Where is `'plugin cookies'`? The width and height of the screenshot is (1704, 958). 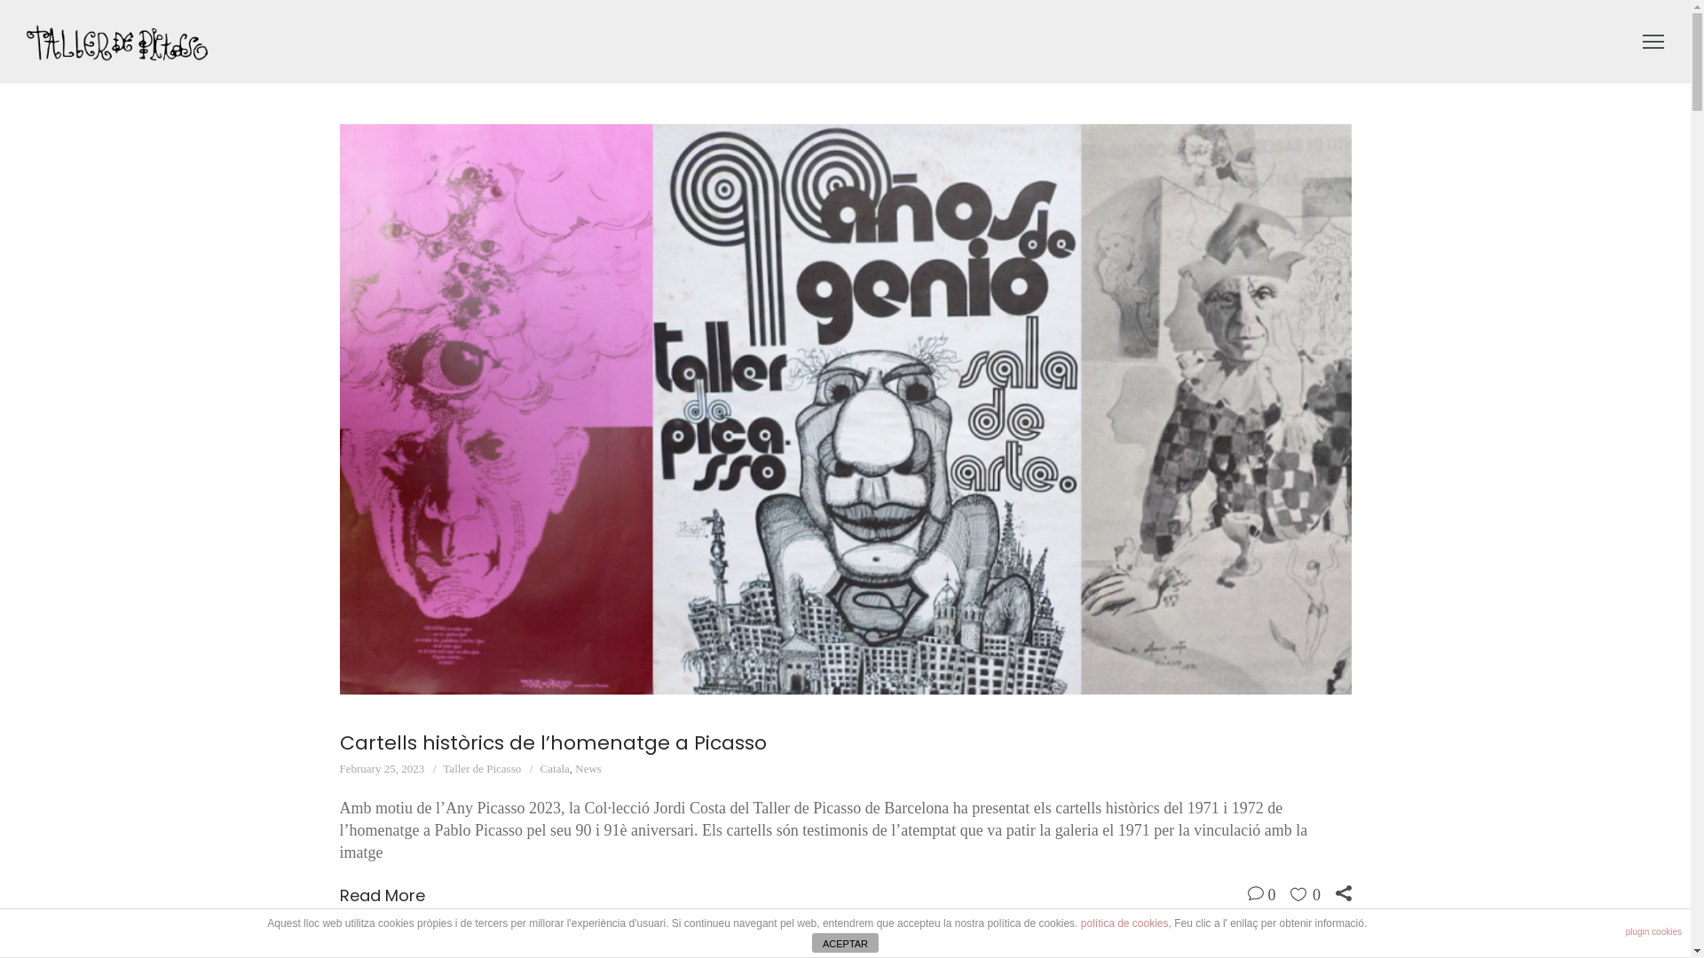 'plugin cookies' is located at coordinates (1653, 931).